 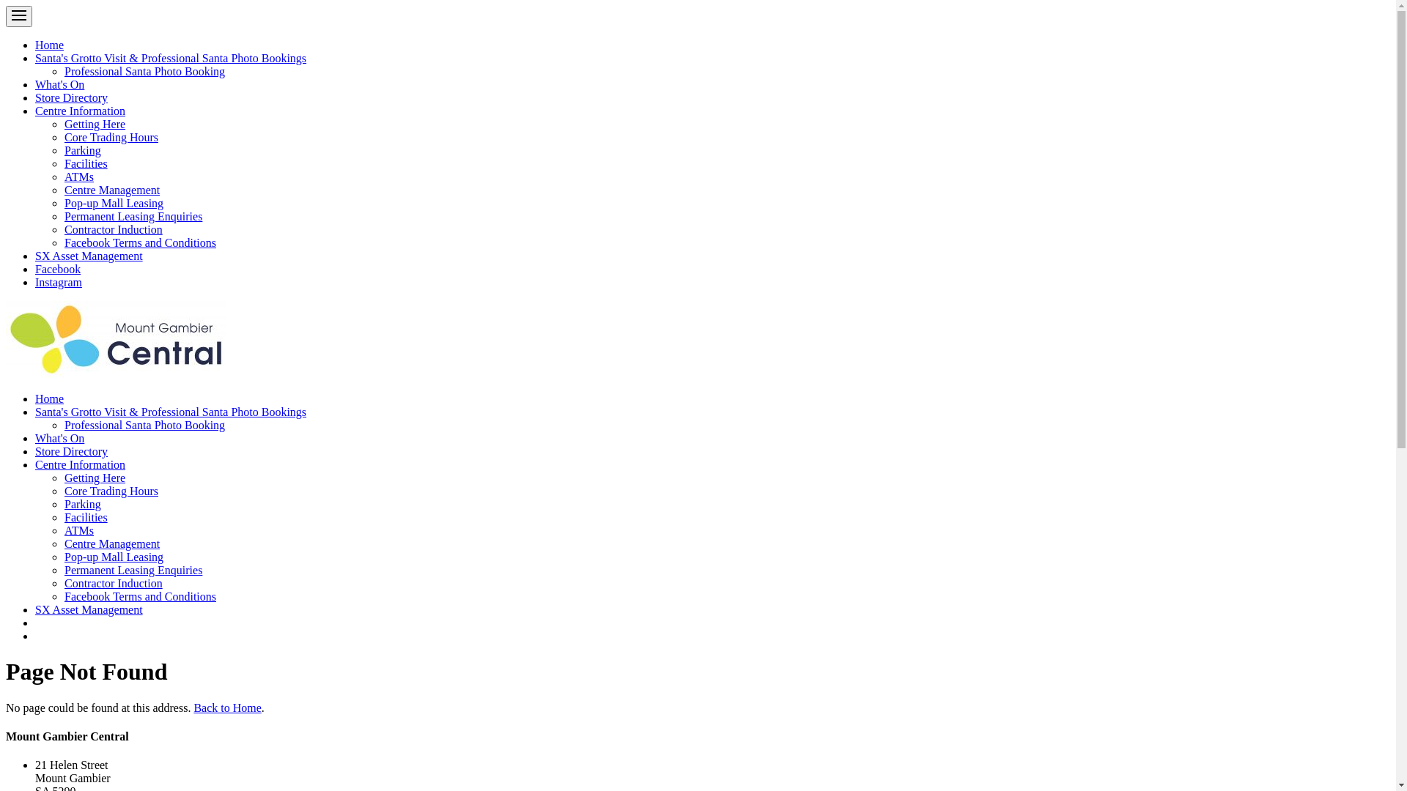 What do you see at coordinates (111, 137) in the screenshot?
I see `'Core Trading Hours'` at bounding box center [111, 137].